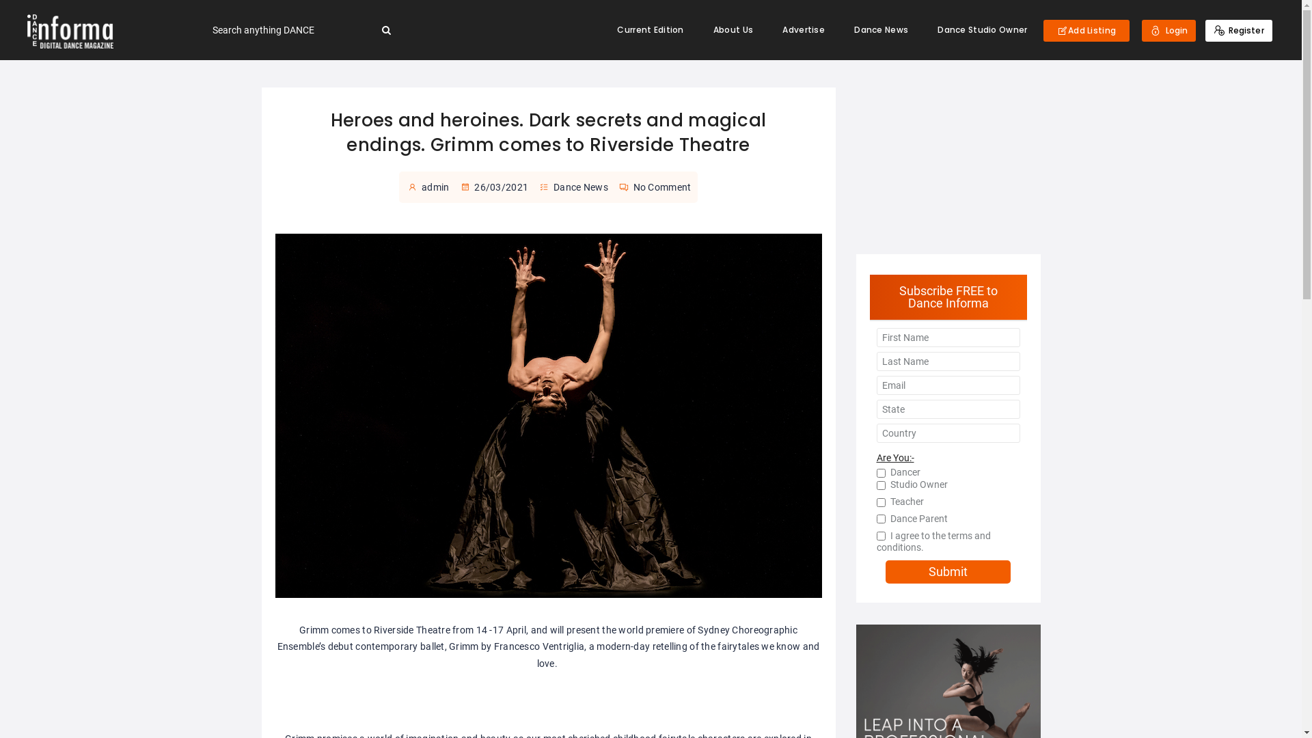 The height and width of the screenshot is (738, 1312). Describe the element at coordinates (881, 29) in the screenshot. I see `'Dance News'` at that location.